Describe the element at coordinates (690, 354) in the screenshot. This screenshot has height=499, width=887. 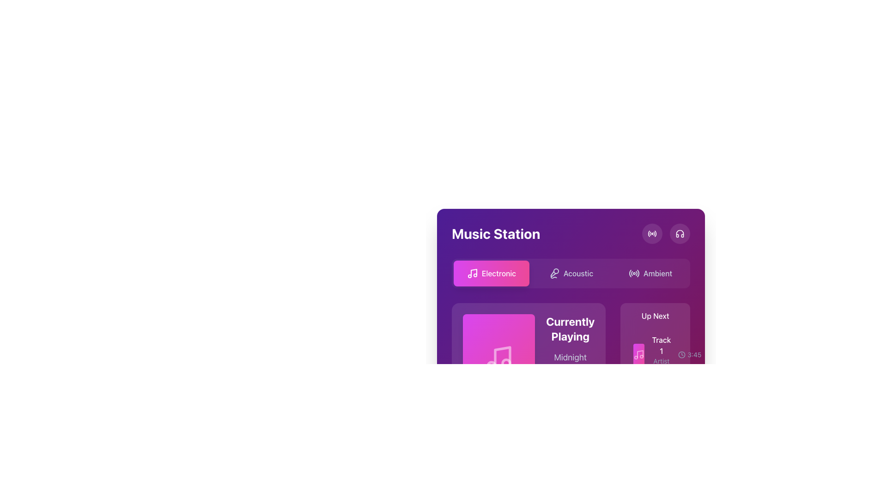
I see `the clock icon and text '3:45' located at the bottom-right area of the card containing track information for 'Track 1' and 'Artist 1'` at that location.